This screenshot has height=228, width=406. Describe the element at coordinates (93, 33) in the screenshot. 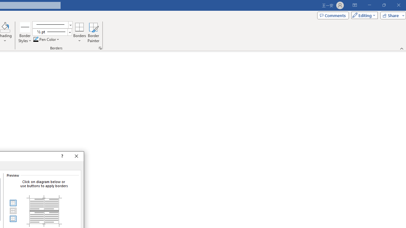

I see `'Border Painter'` at that location.